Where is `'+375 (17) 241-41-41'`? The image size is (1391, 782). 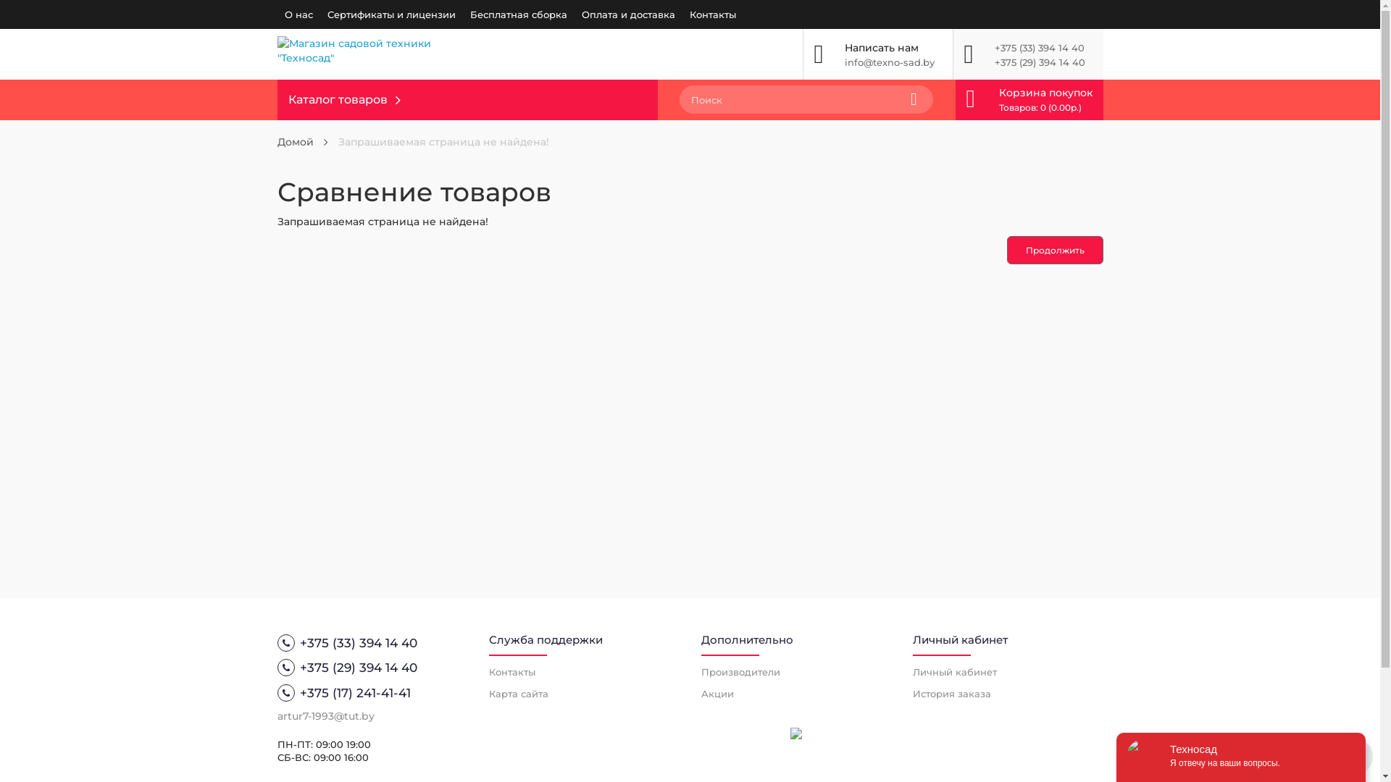
'+375 (17) 241-41-41' is located at coordinates (372, 691).